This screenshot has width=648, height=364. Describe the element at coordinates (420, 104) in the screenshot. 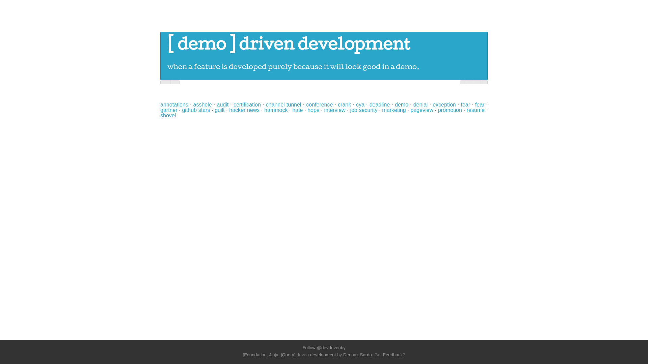

I see `'denial'` at that location.